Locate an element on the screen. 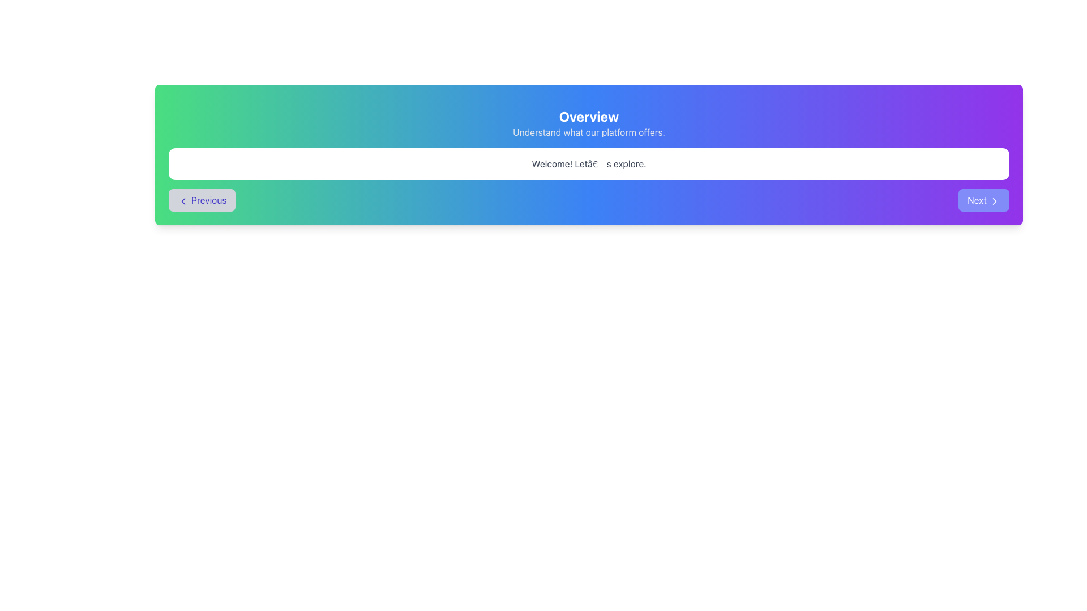 The width and height of the screenshot is (1087, 611). the Static Text Box displaying the message 'Welcome! Let’s explore.' which is centered beneath the title and above the navigation buttons is located at coordinates (589, 163).